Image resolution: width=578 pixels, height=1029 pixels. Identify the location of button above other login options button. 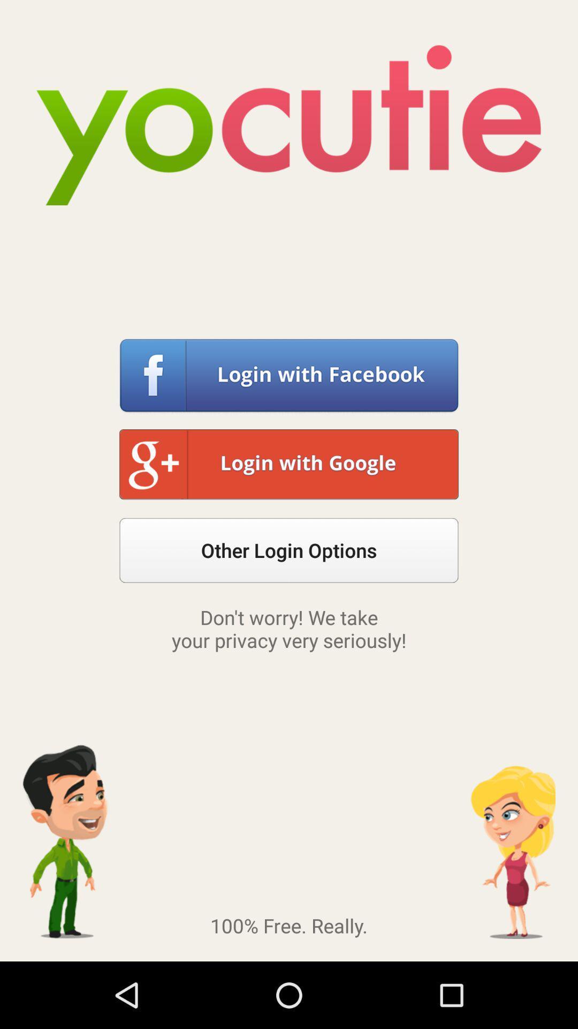
(289, 465).